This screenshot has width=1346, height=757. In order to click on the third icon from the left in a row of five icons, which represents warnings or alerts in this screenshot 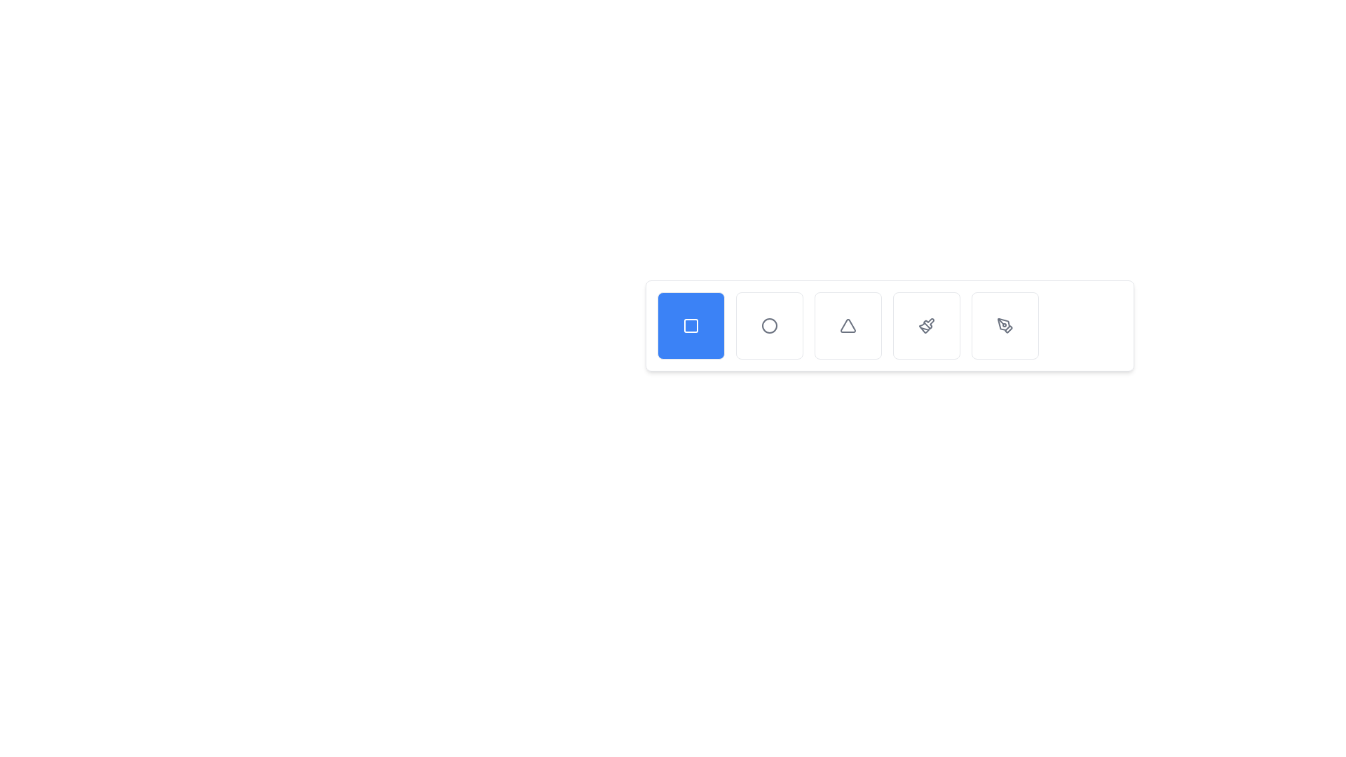, I will do `click(847, 326)`.